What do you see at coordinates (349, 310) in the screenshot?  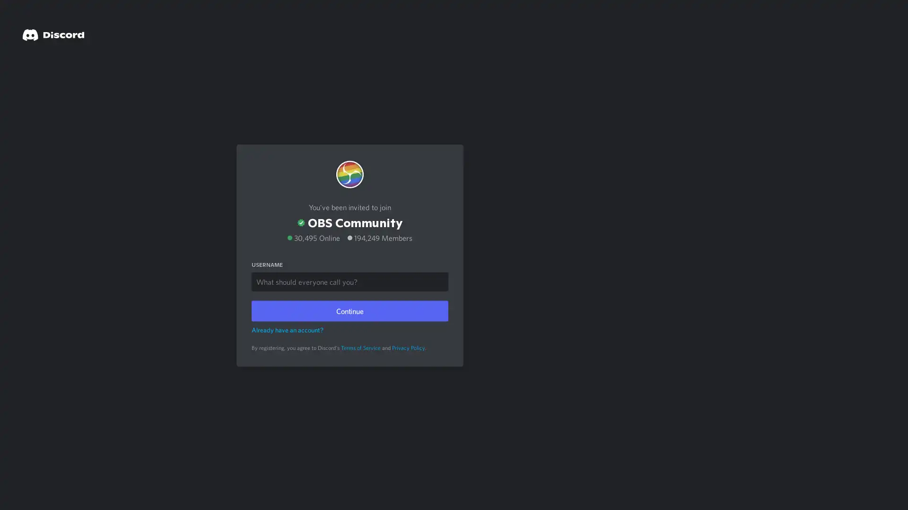 I see `Continue` at bounding box center [349, 310].